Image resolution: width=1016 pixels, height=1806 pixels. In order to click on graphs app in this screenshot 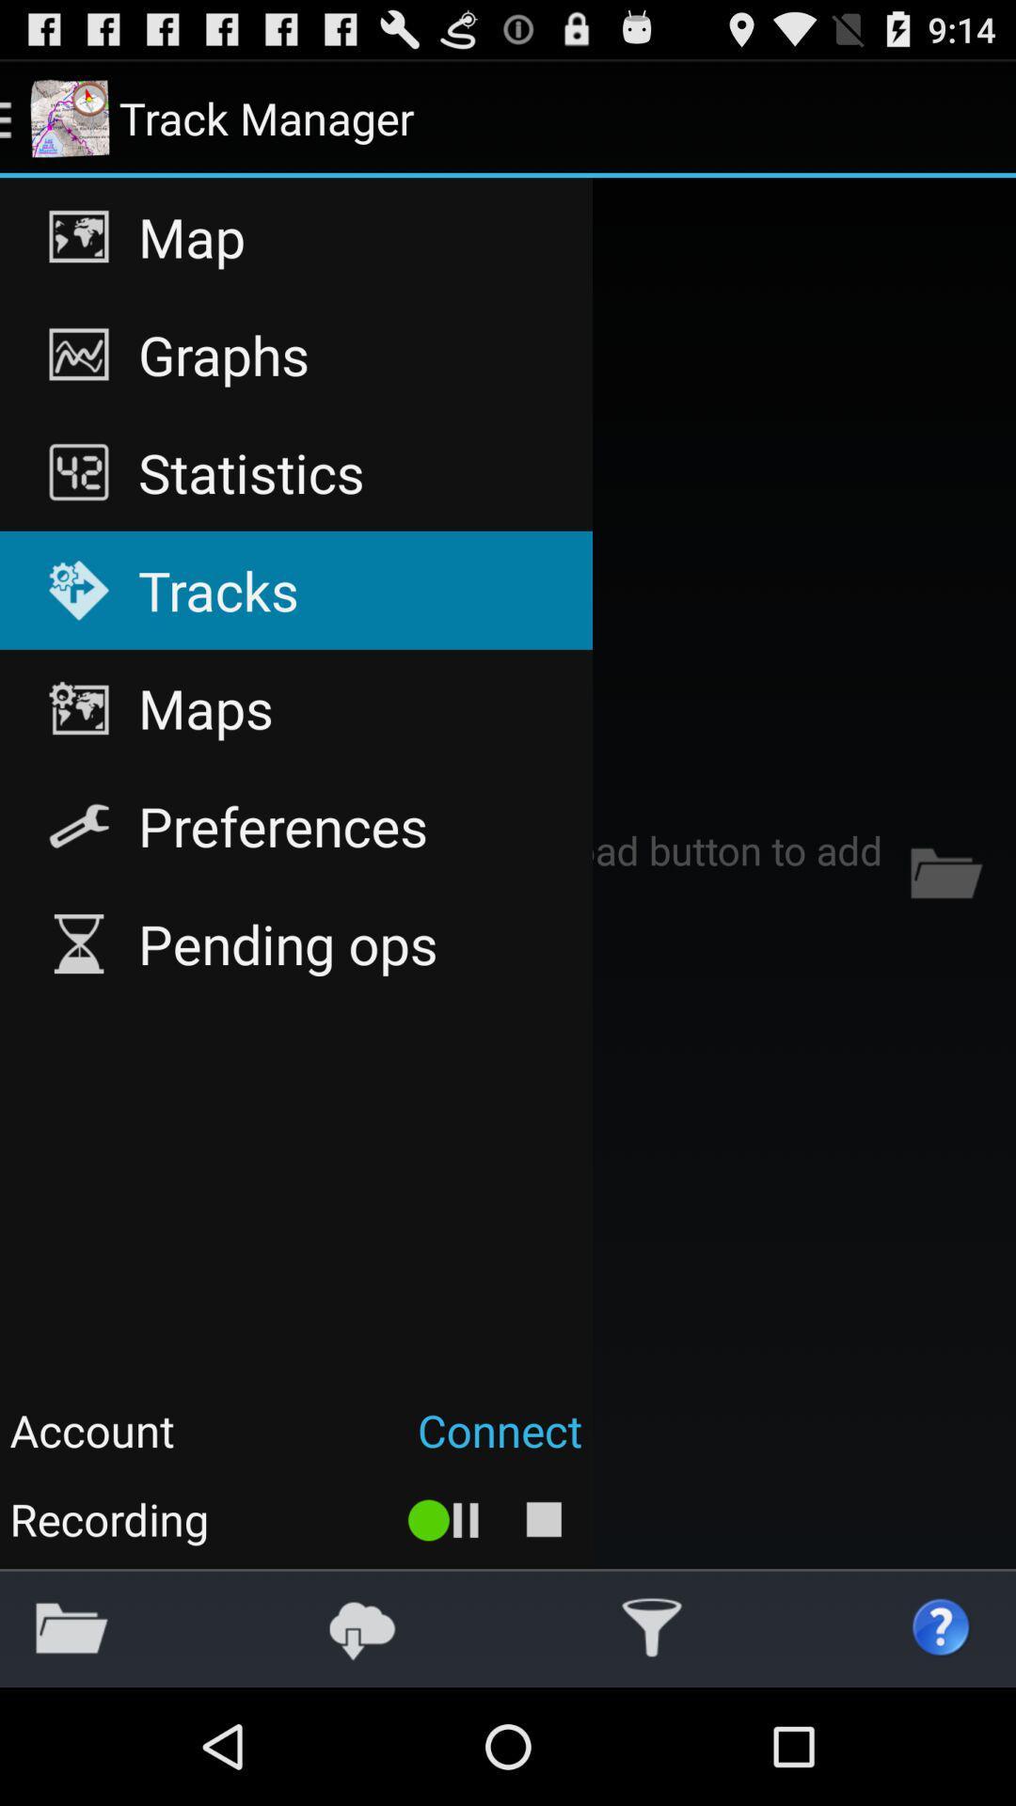, I will do `click(296, 355)`.